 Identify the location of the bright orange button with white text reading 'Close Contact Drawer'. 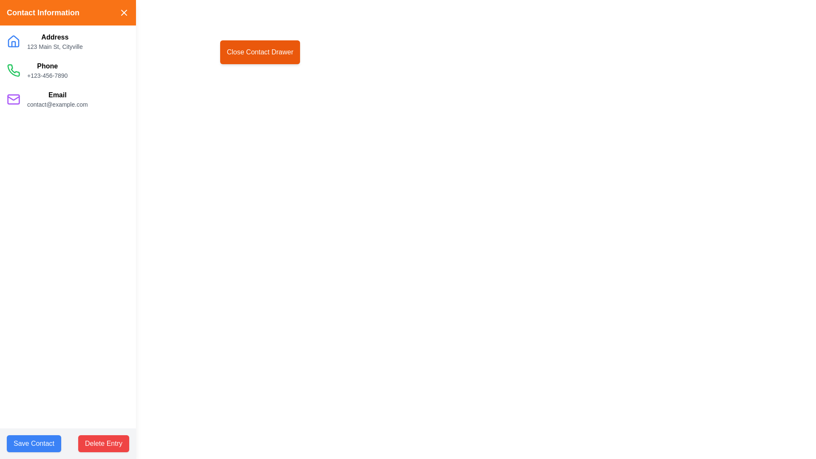
(259, 52).